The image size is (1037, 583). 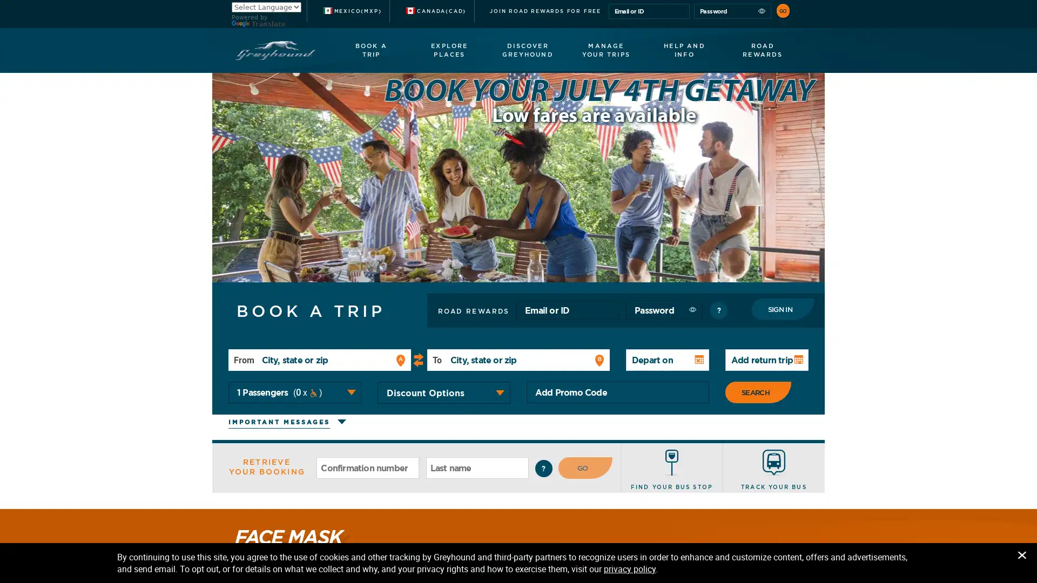 I want to click on Click to expand, so click(x=287, y=421).